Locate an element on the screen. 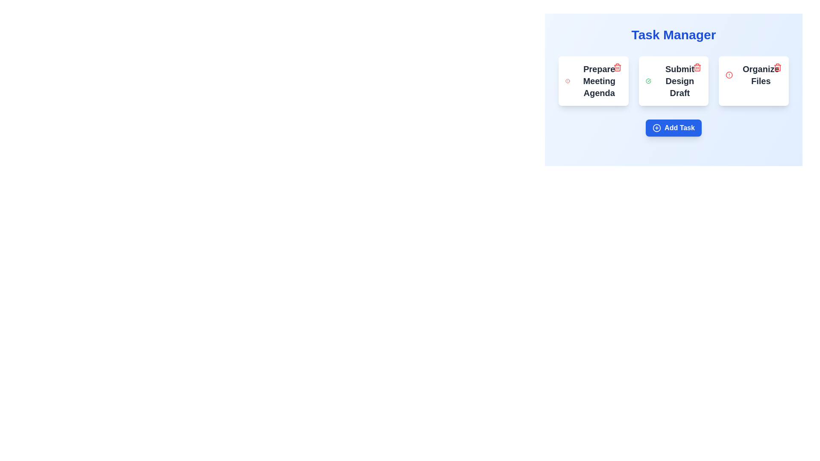  task information from the card component labeled 'Organize Files', which is the last card in a row of three within the Task Manager interface is located at coordinates (754, 75).